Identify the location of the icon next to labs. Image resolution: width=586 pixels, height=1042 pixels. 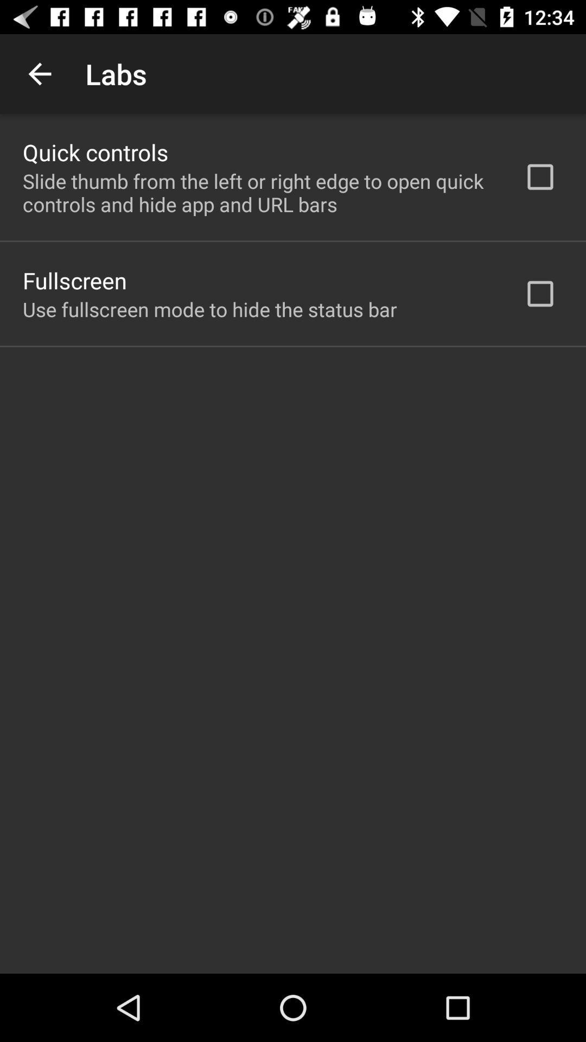
(39, 73).